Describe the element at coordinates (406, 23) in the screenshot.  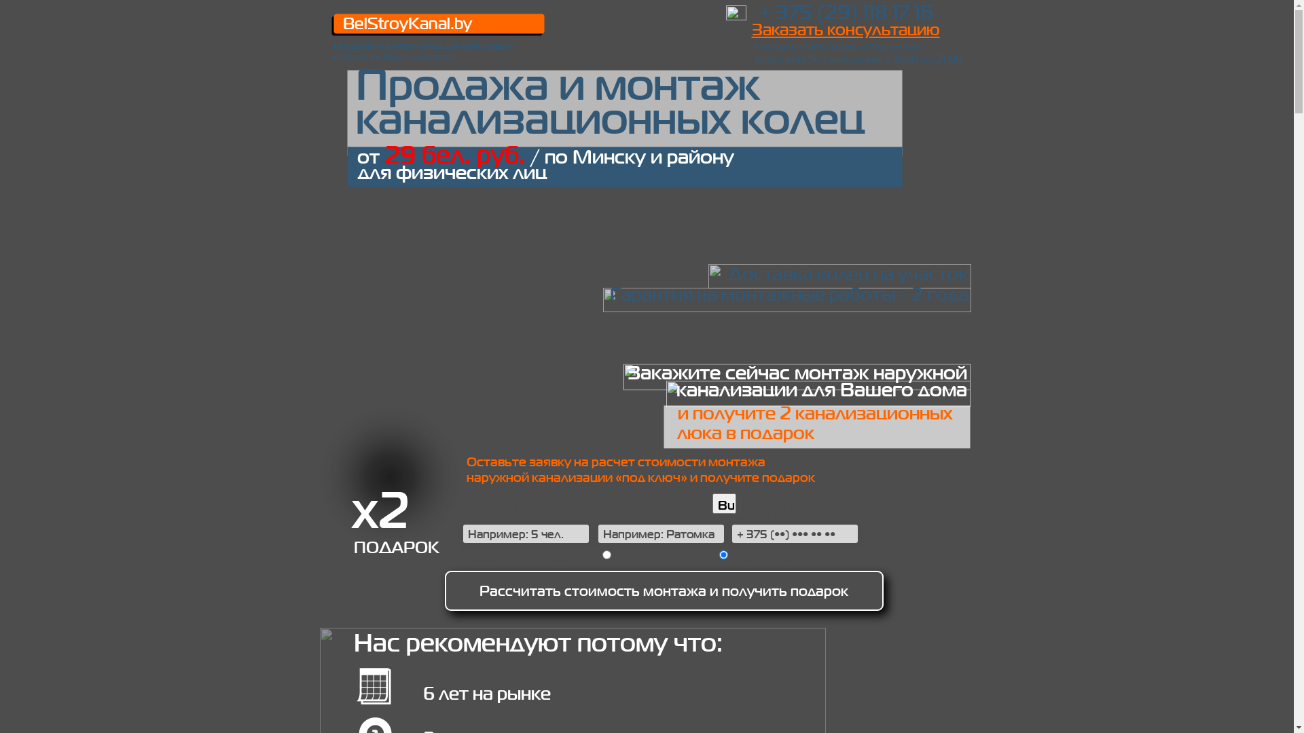
I see `'BelStroyKanal.by'` at that location.